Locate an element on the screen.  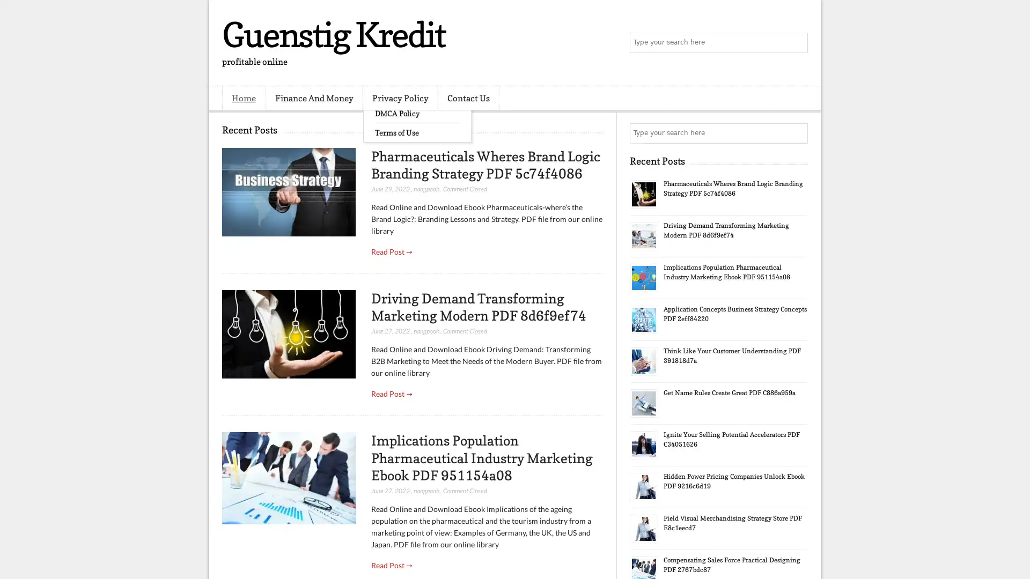
Search is located at coordinates (797, 43).